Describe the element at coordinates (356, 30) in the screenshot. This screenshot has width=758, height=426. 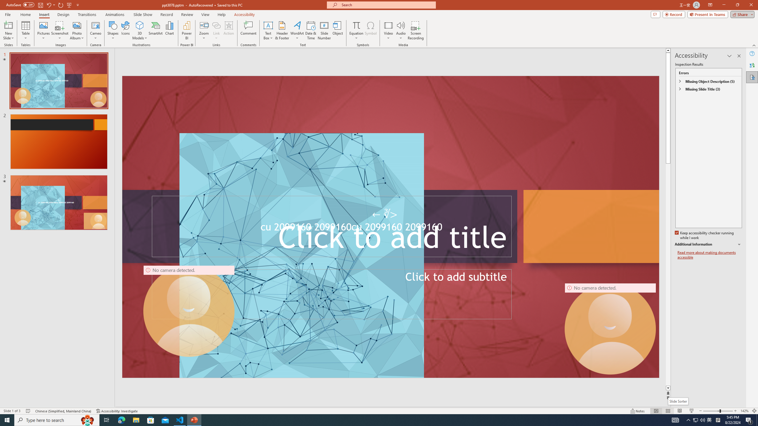
I see `'Equation'` at that location.